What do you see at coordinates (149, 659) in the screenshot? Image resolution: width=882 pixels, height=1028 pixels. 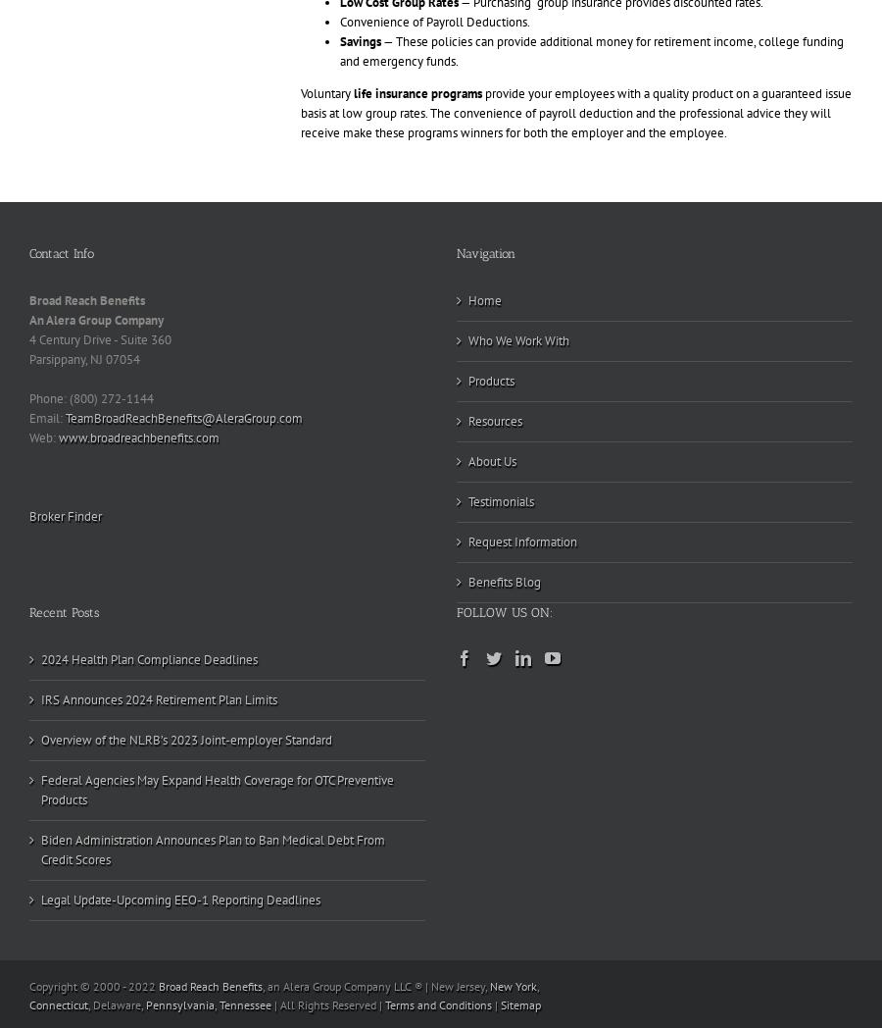 I see `'2024 Health Plan Compliance Deadlines'` at bounding box center [149, 659].